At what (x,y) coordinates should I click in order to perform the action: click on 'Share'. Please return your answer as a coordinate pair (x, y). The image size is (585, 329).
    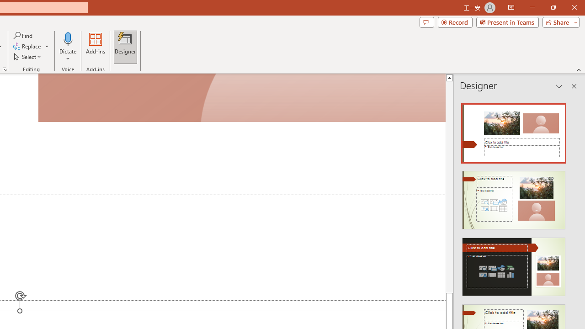
    Looking at the image, I should click on (558, 21).